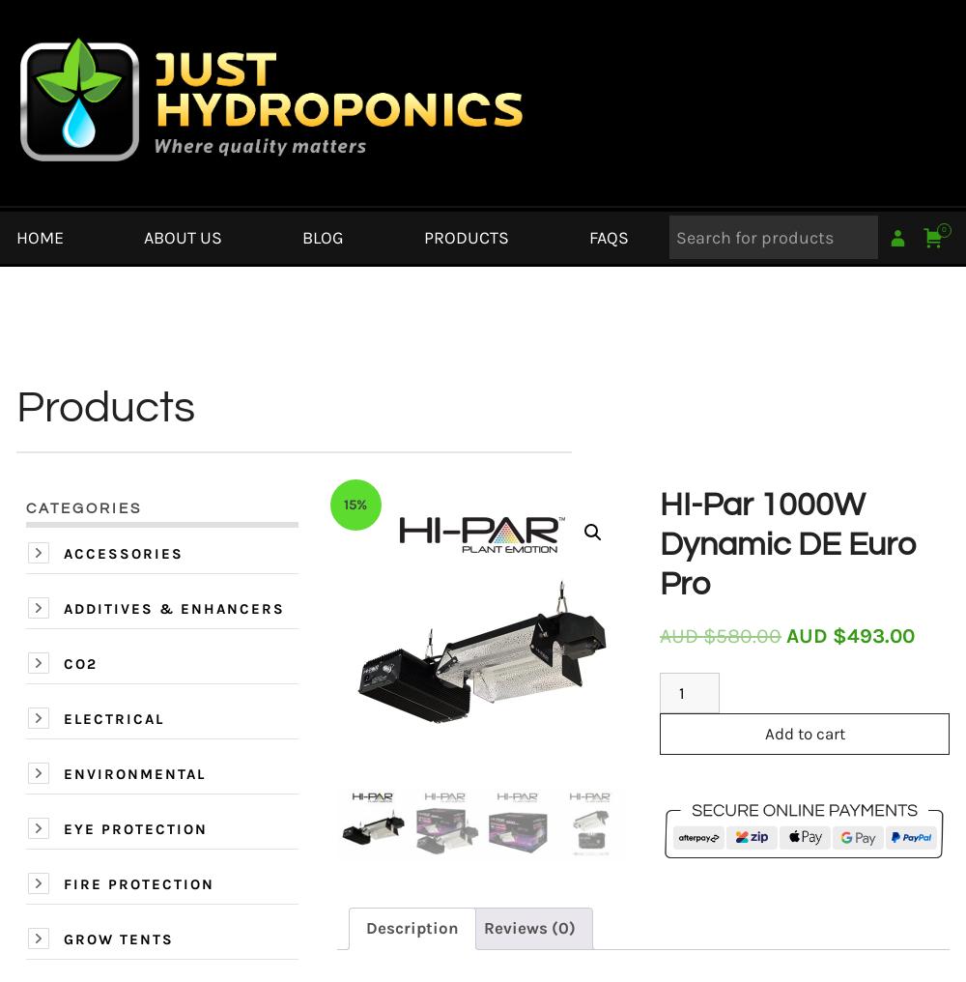  Describe the element at coordinates (749, 634) in the screenshot. I see `'580.00'` at that location.